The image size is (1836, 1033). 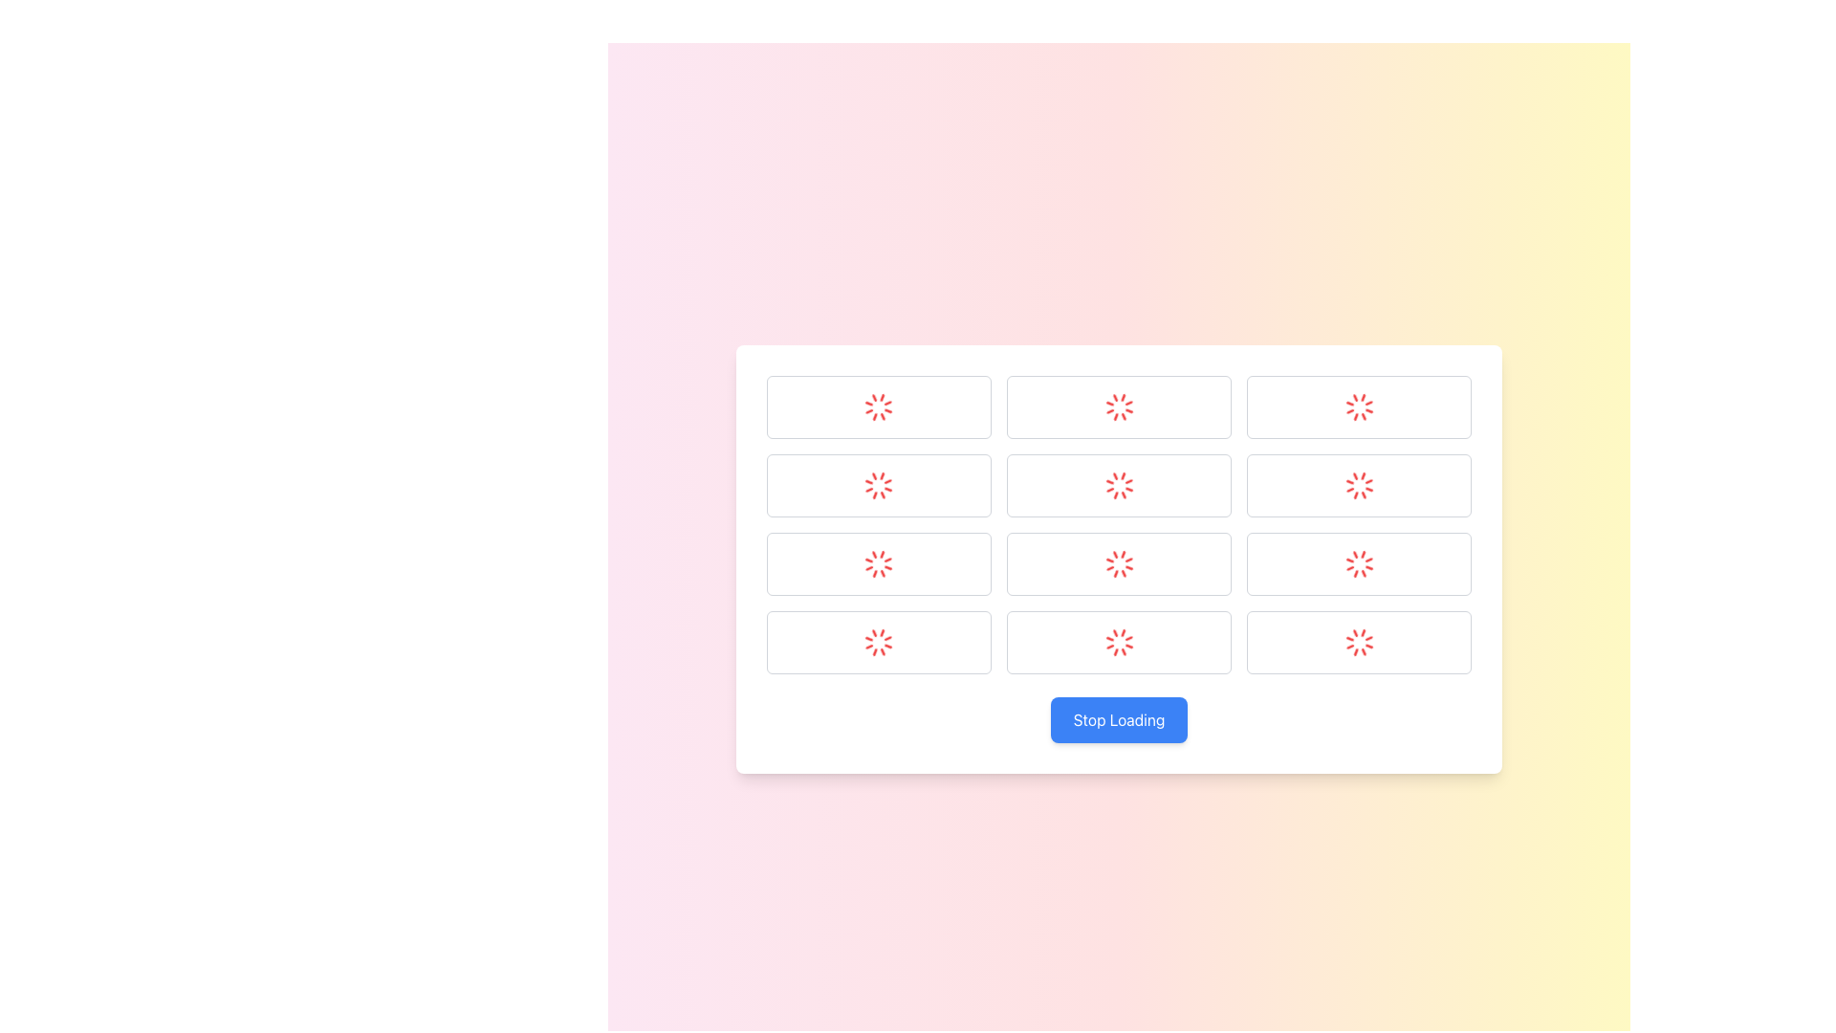 What do you see at coordinates (1119, 563) in the screenshot?
I see `loader animation located in the second row, second column of the grid layout, which visually indicates a loading process` at bounding box center [1119, 563].